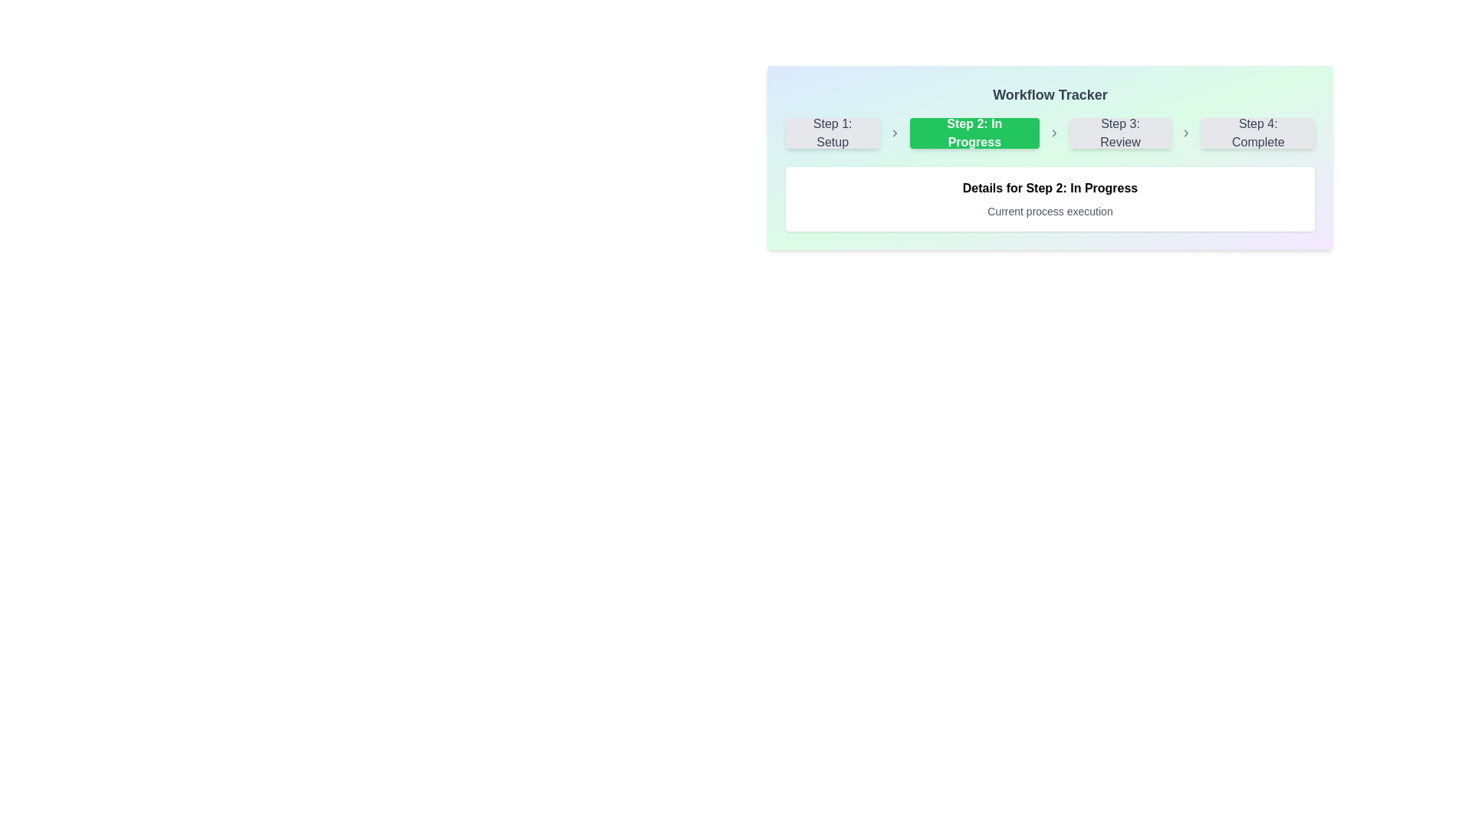  What do you see at coordinates (974, 132) in the screenshot?
I see `the green rectangular button labeled 'Step 2: In Progress' for navigation` at bounding box center [974, 132].